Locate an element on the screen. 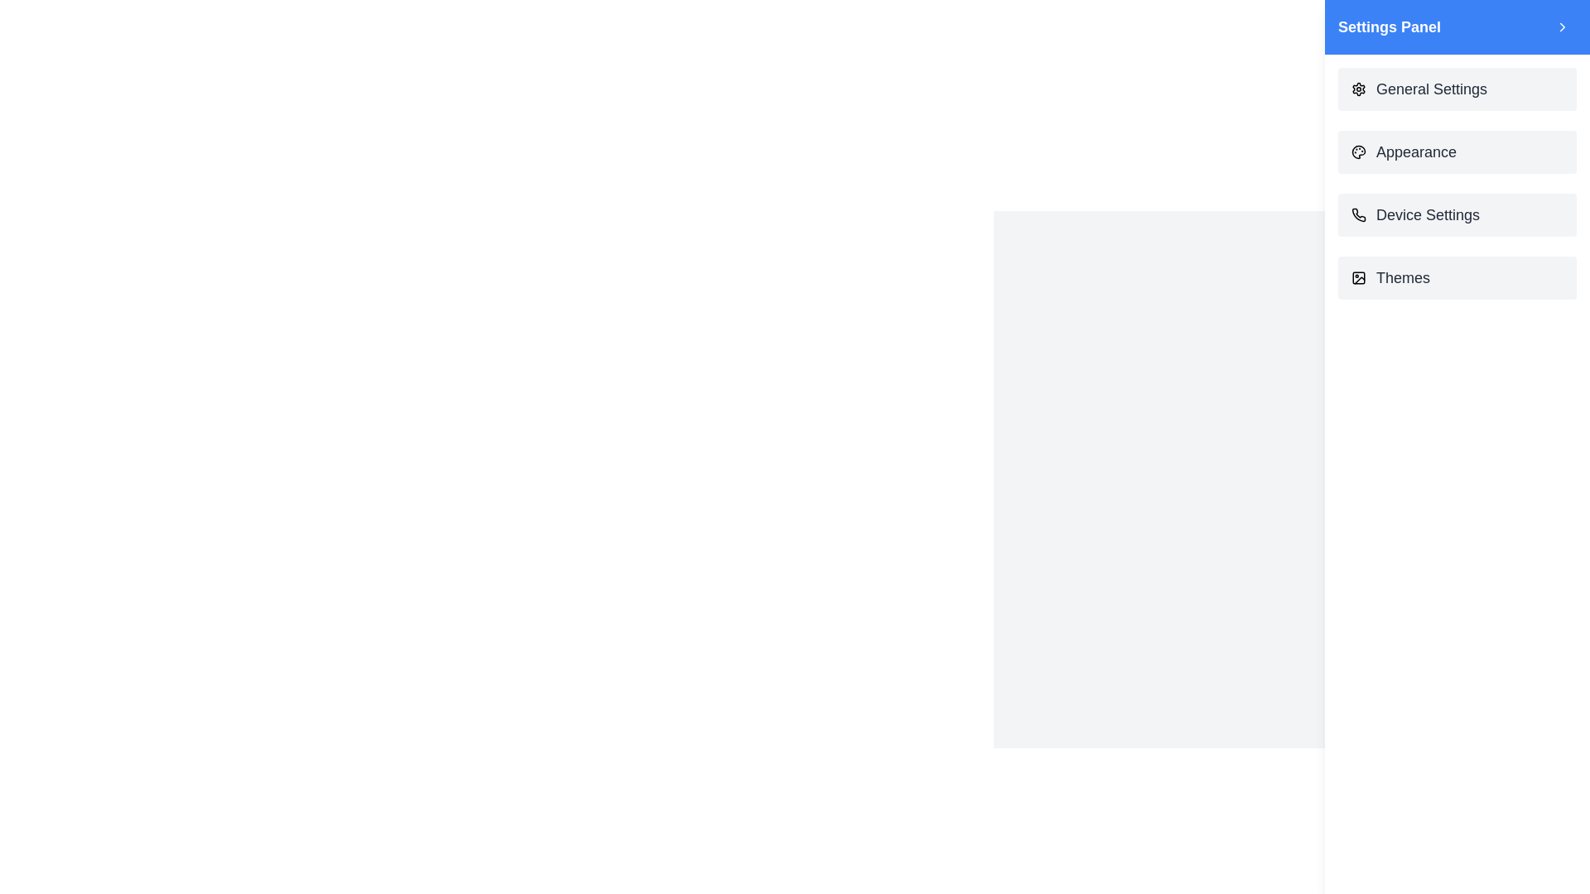  the black minimalist telephone receiver icon located to the left of the 'Device Settings' text in the settings panel is located at coordinates (1359, 214).